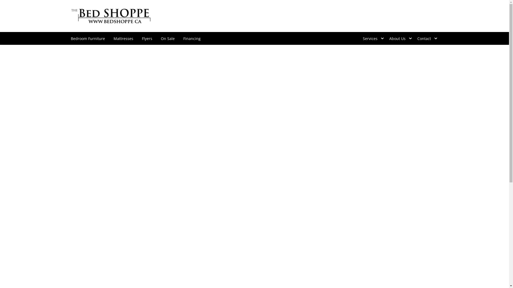 This screenshot has height=288, width=513. What do you see at coordinates (371, 38) in the screenshot?
I see `'Services'` at bounding box center [371, 38].